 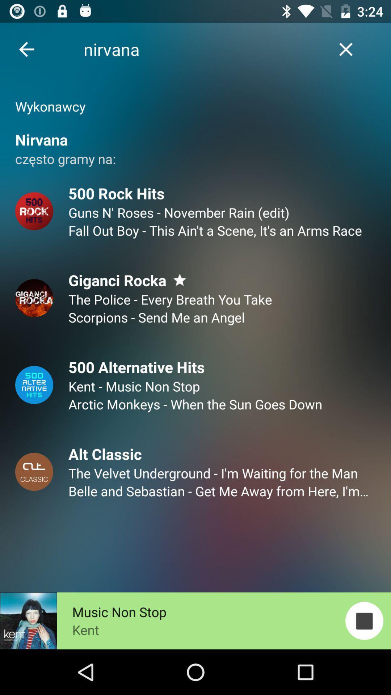 I want to click on icon above wykonawcy, so click(x=26, y=49).